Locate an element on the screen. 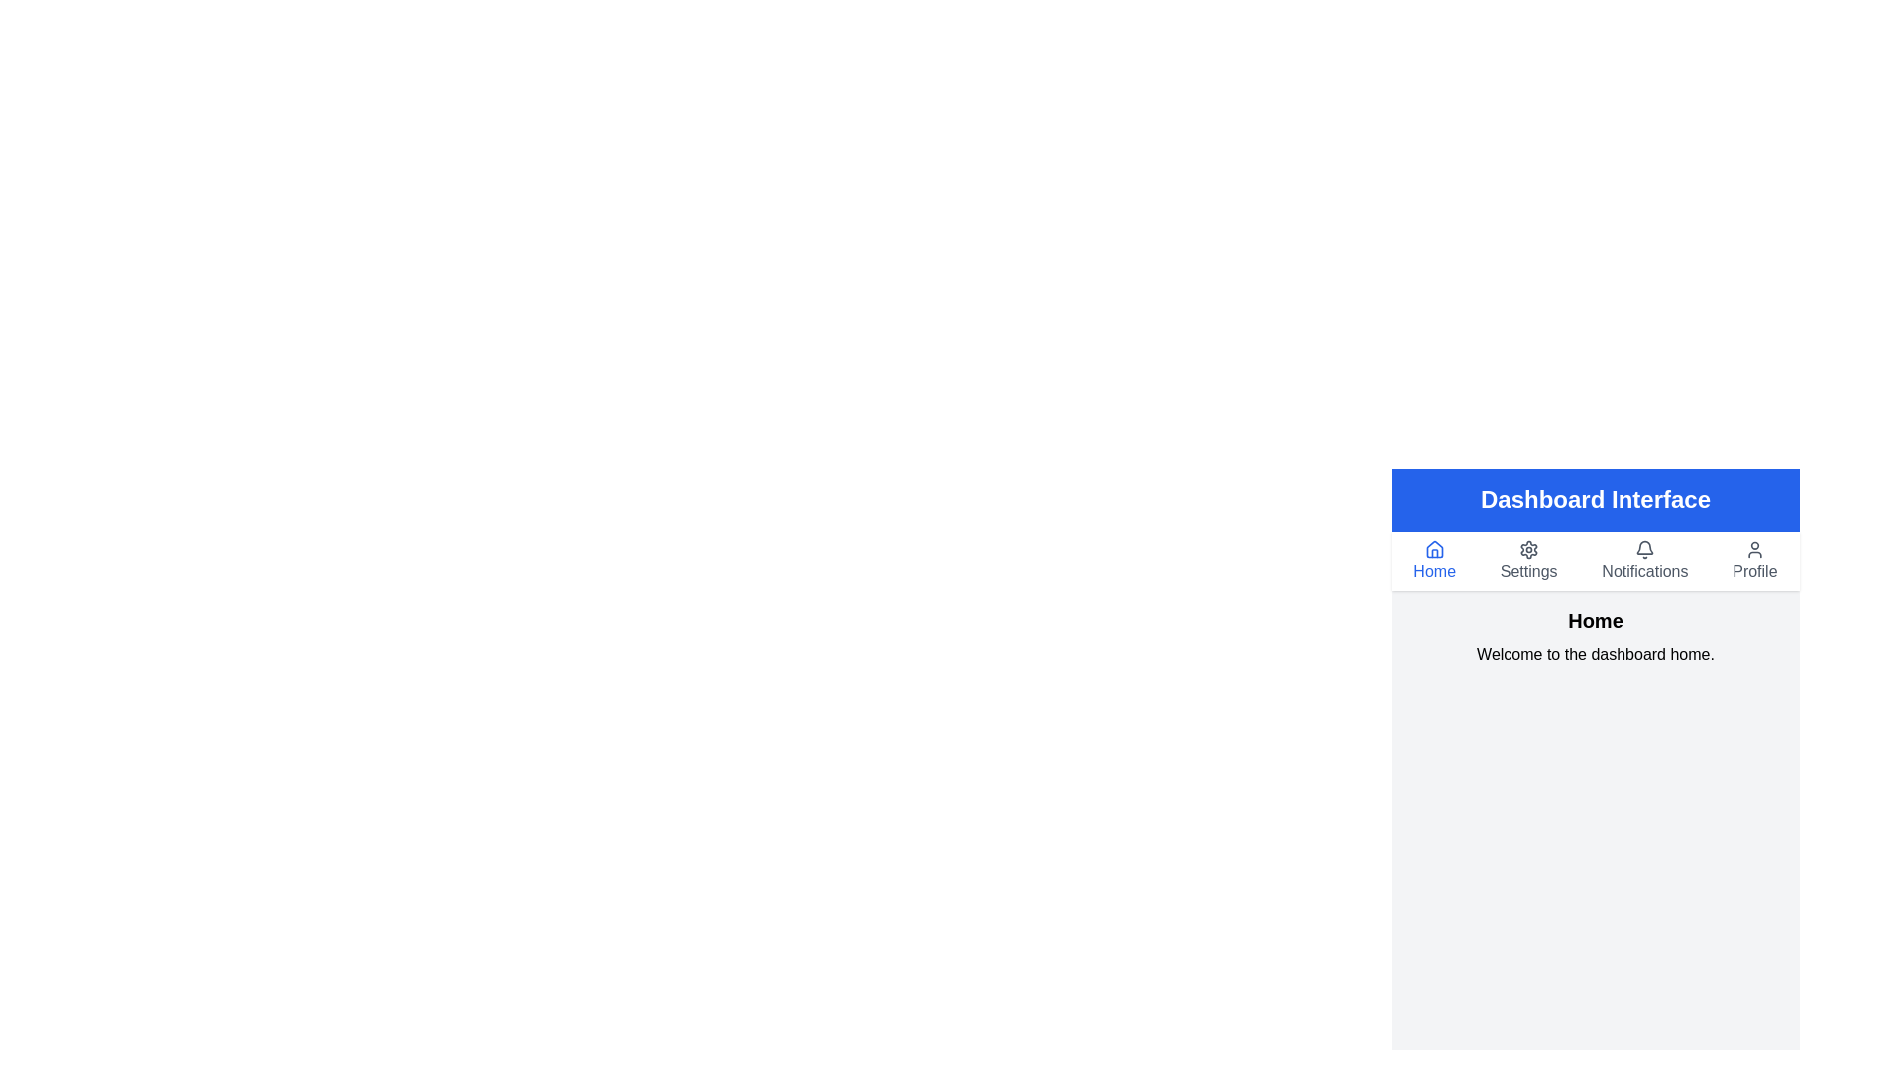 This screenshot has width=1903, height=1070. the decorative segment of the 'Home' icon located in the bottom segment of the house icon in the first tab of the navigation bar is located at coordinates (1434, 549).